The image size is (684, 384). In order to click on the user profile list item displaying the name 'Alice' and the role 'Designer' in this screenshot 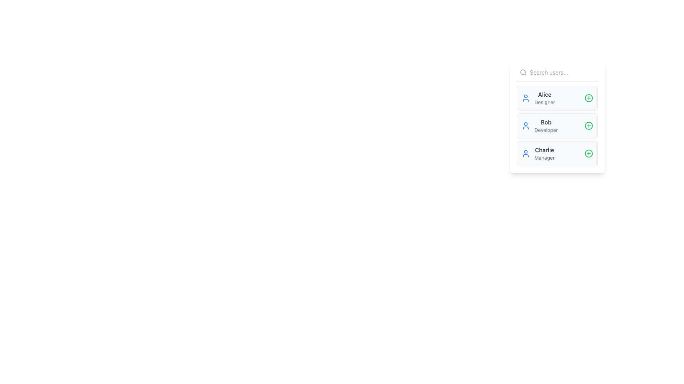, I will do `click(538, 98)`.